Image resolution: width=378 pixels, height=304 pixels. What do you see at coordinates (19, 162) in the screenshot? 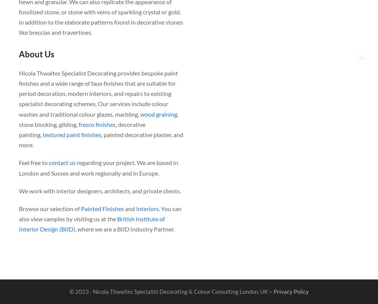
I see `'Feel free to'` at bounding box center [19, 162].